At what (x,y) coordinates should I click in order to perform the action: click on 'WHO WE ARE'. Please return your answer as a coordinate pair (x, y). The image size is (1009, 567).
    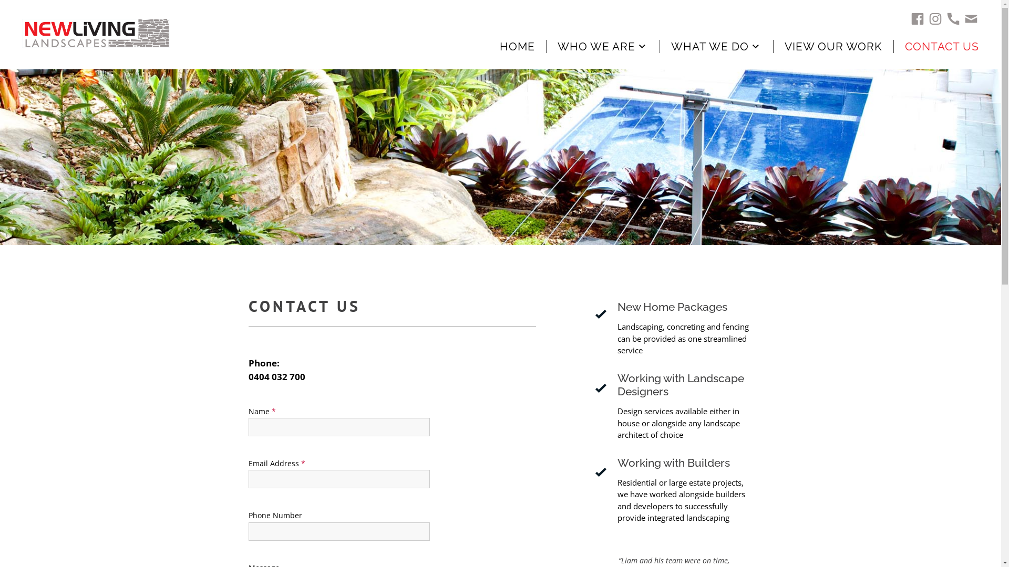
    Looking at the image, I should click on (614, 46).